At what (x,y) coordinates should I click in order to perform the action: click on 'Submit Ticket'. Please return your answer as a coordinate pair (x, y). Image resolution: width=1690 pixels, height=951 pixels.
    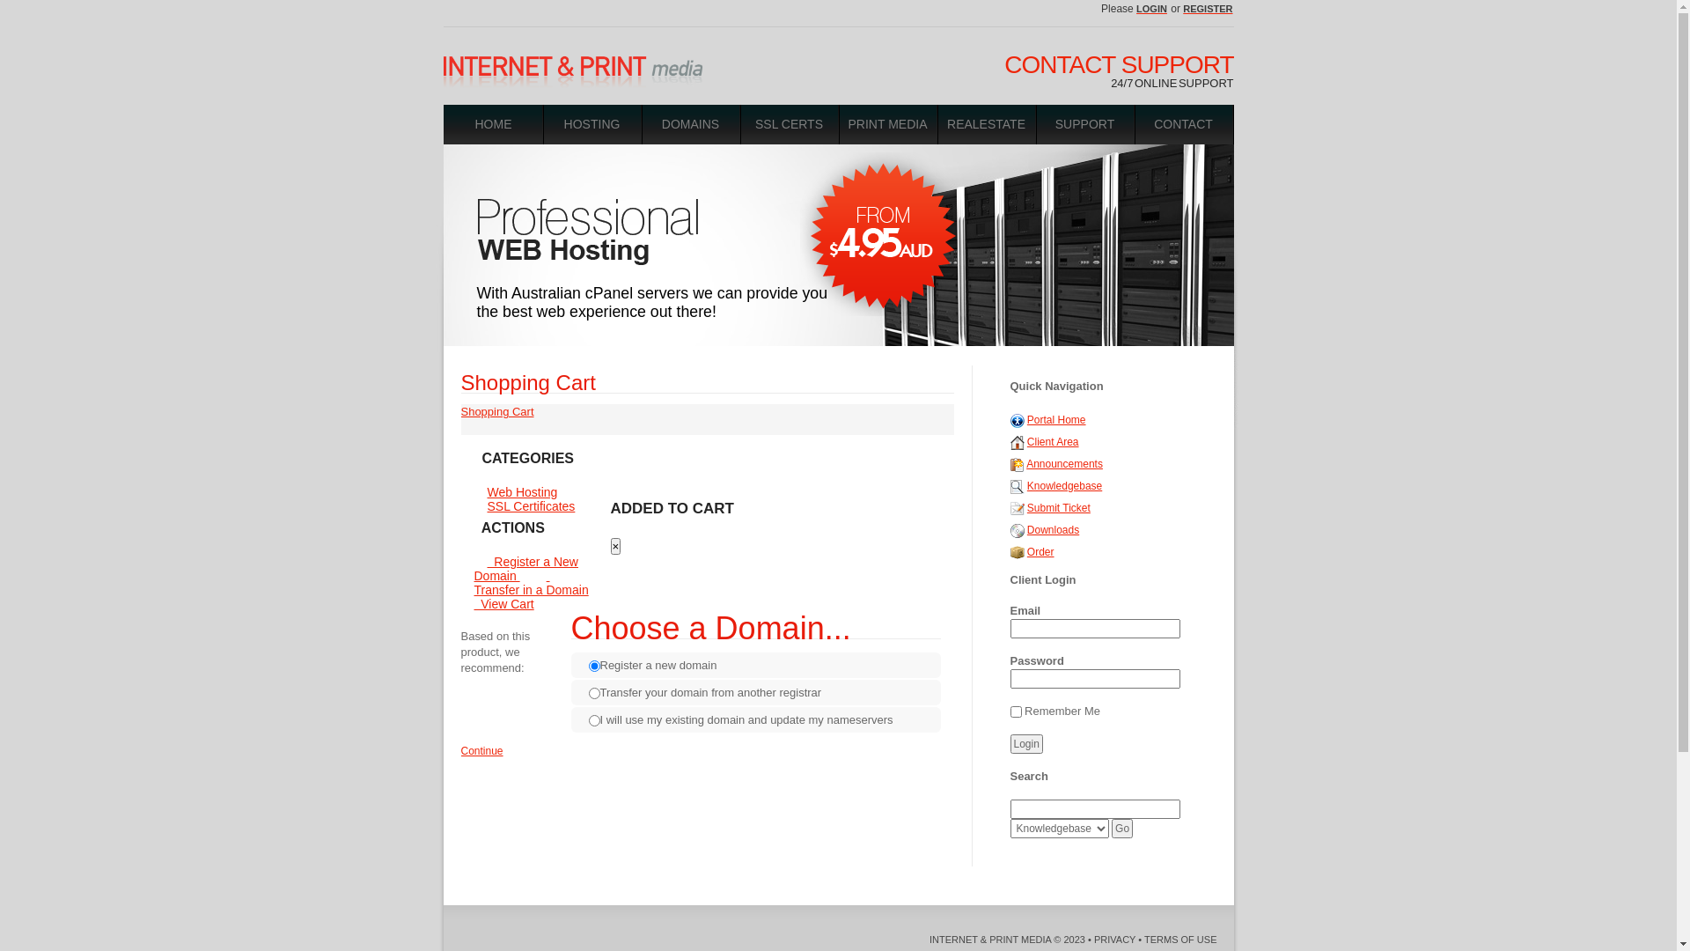
    Looking at the image, I should click on (1058, 508).